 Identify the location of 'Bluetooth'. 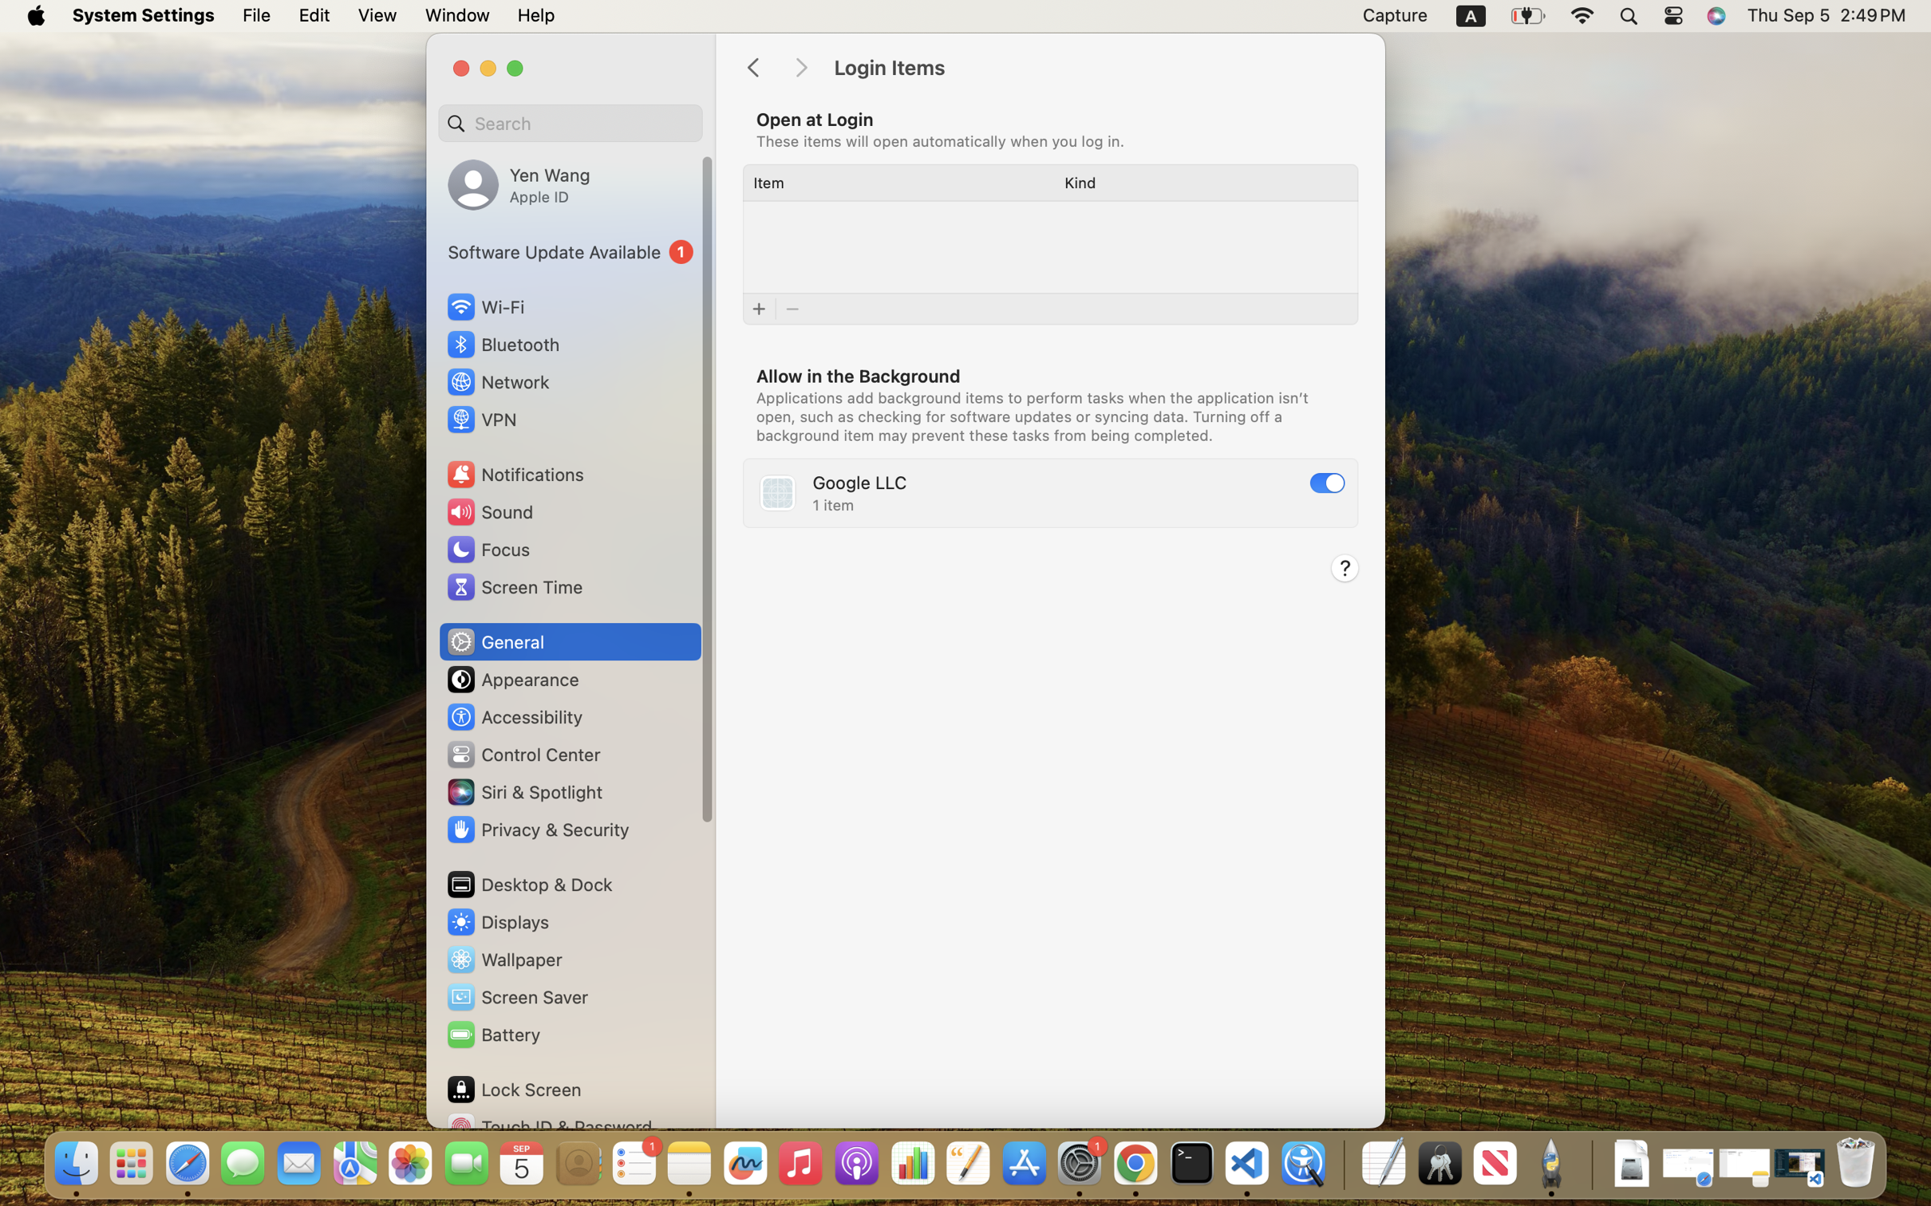
(502, 344).